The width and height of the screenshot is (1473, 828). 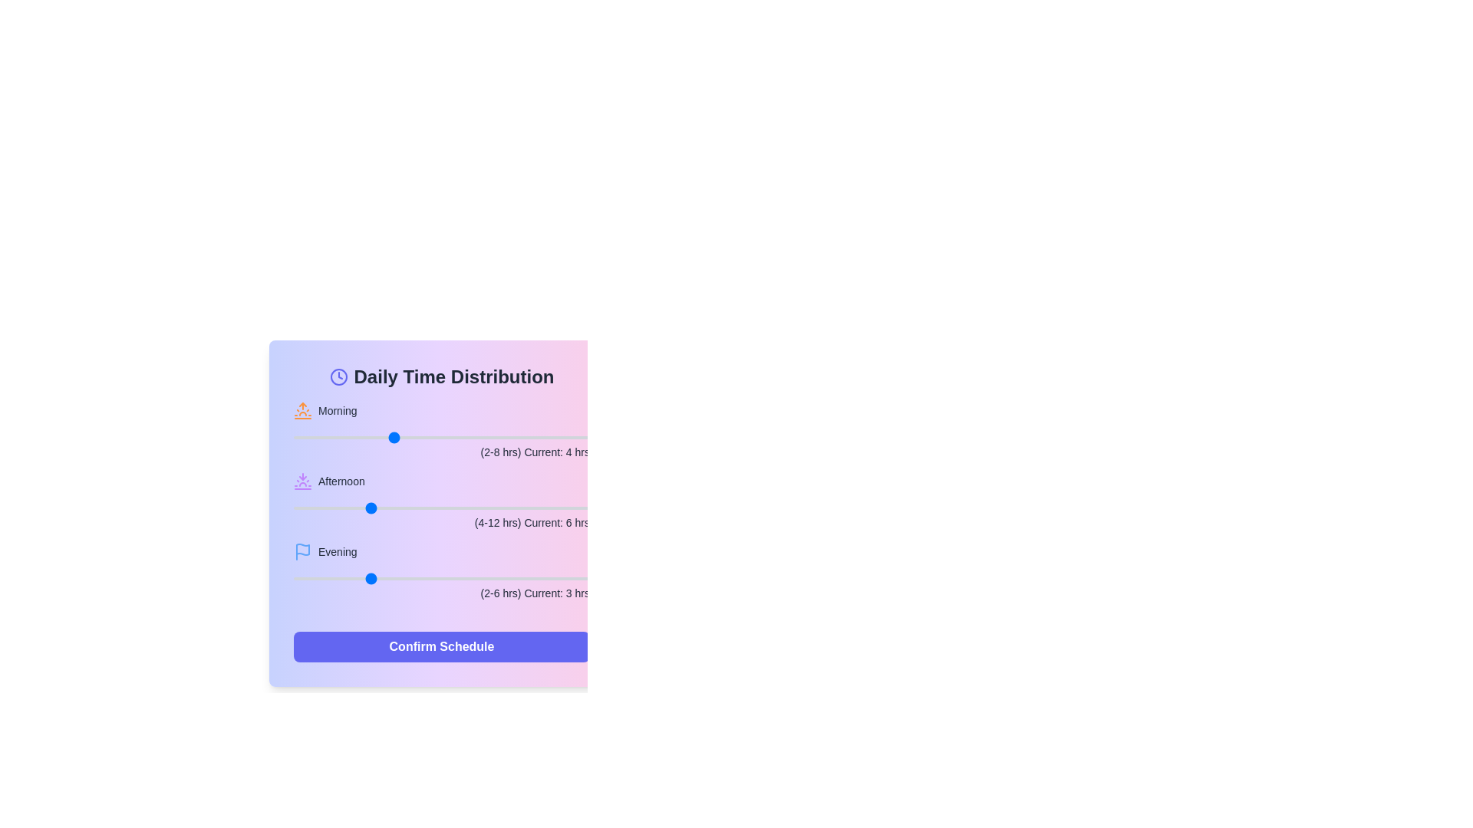 I want to click on afternoon duration, so click(x=330, y=508).